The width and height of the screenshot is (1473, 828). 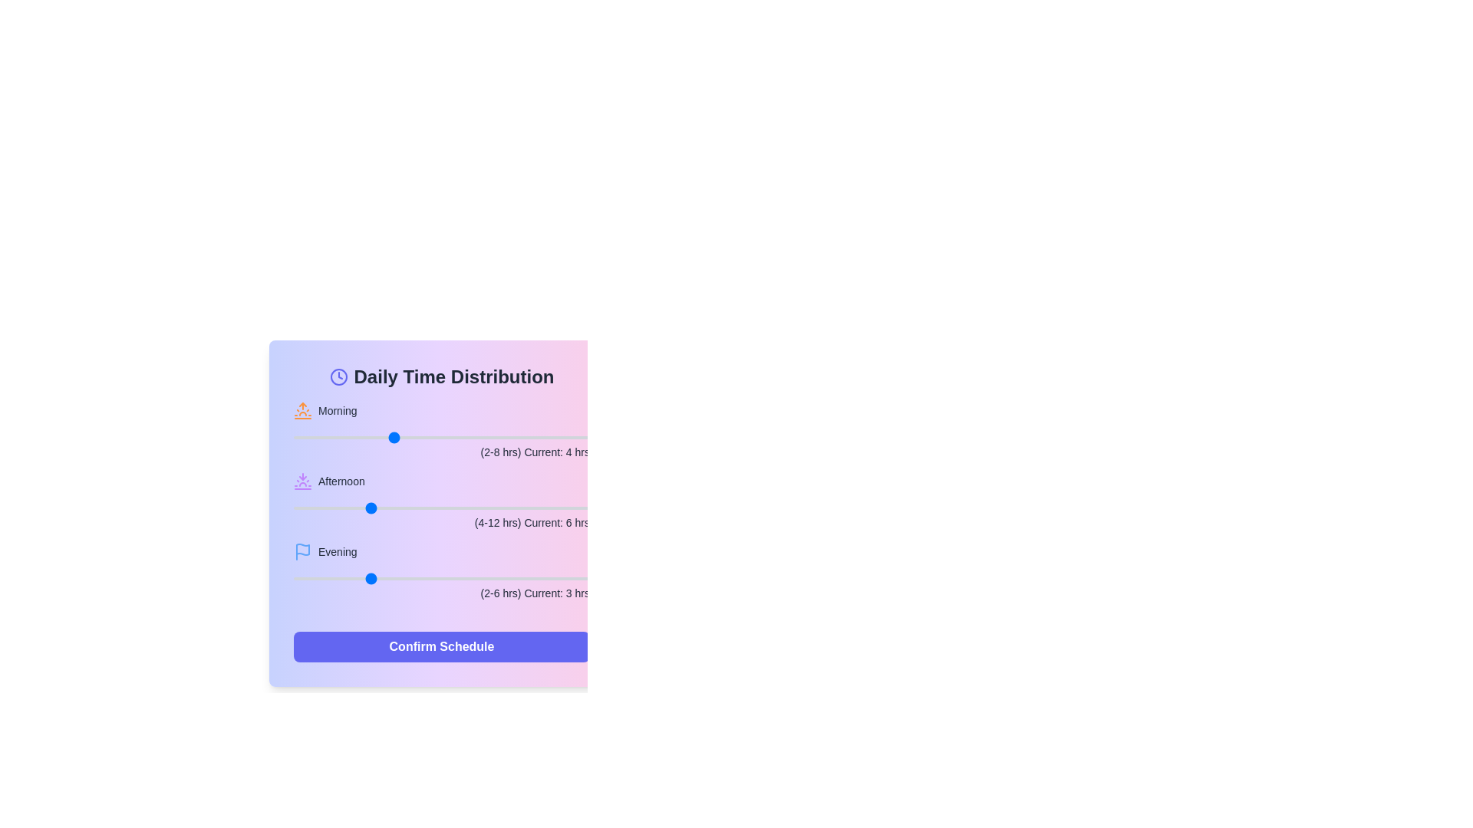 I want to click on afternoon duration, so click(x=330, y=508).